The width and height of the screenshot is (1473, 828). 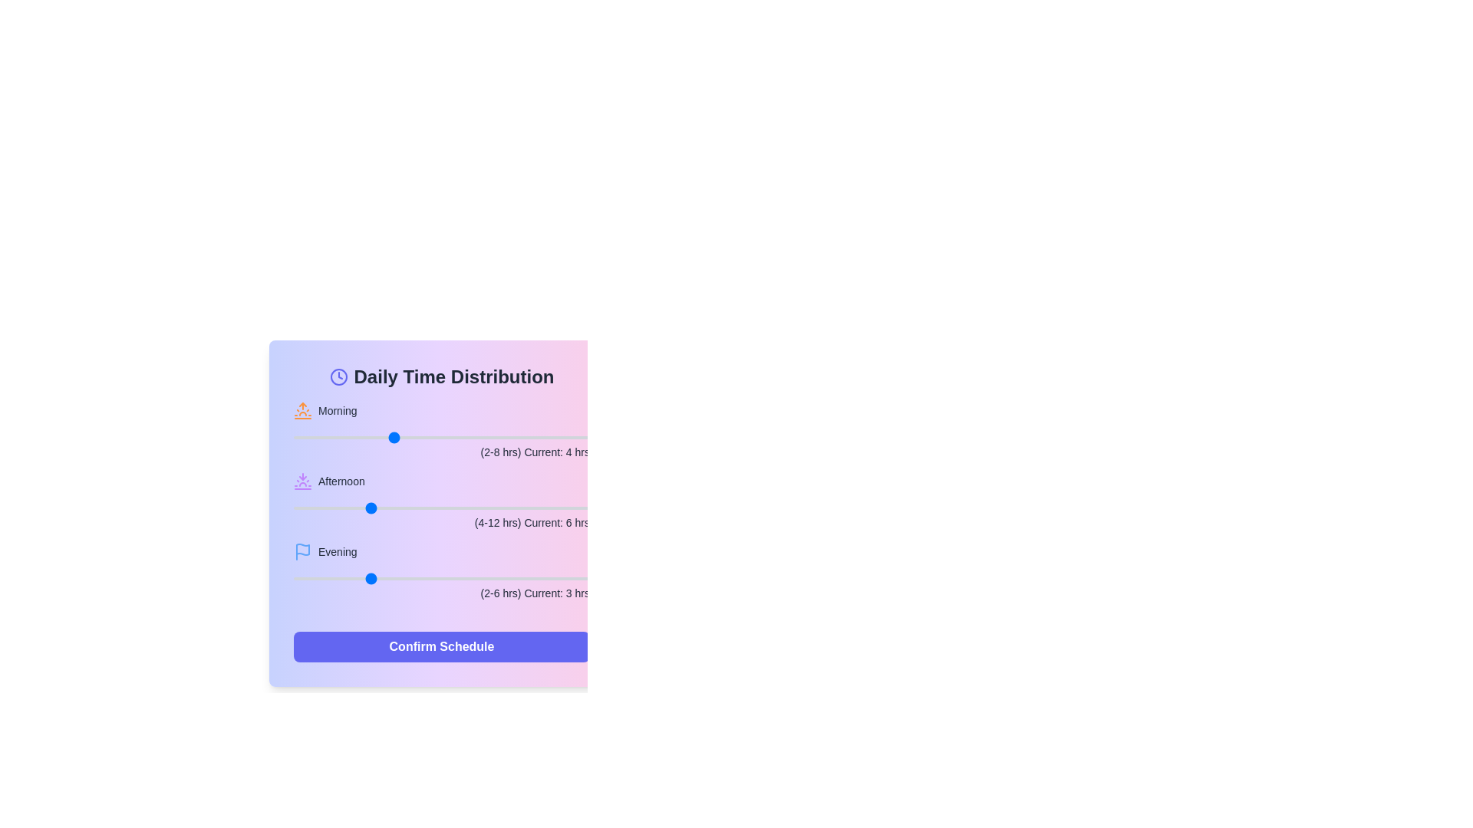 I want to click on afternoon duration, so click(x=330, y=508).